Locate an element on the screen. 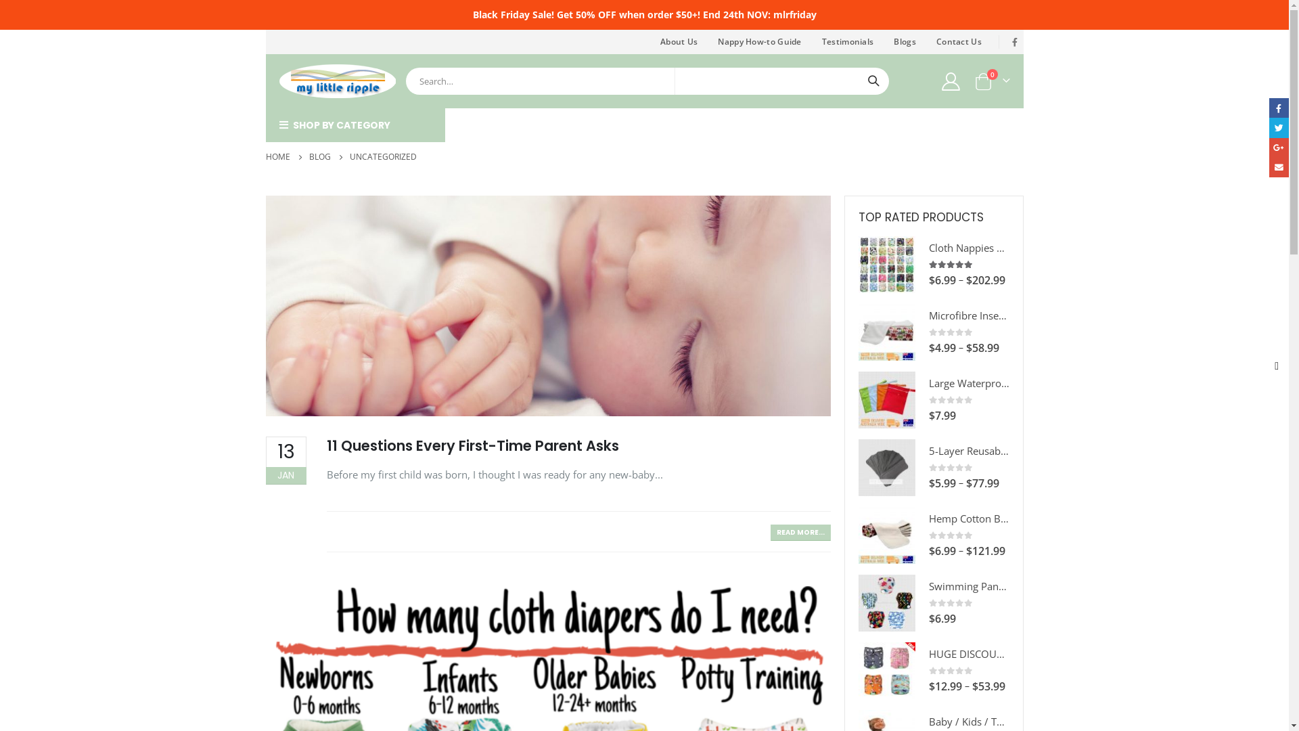  'READ MORE...' is located at coordinates (800, 531).